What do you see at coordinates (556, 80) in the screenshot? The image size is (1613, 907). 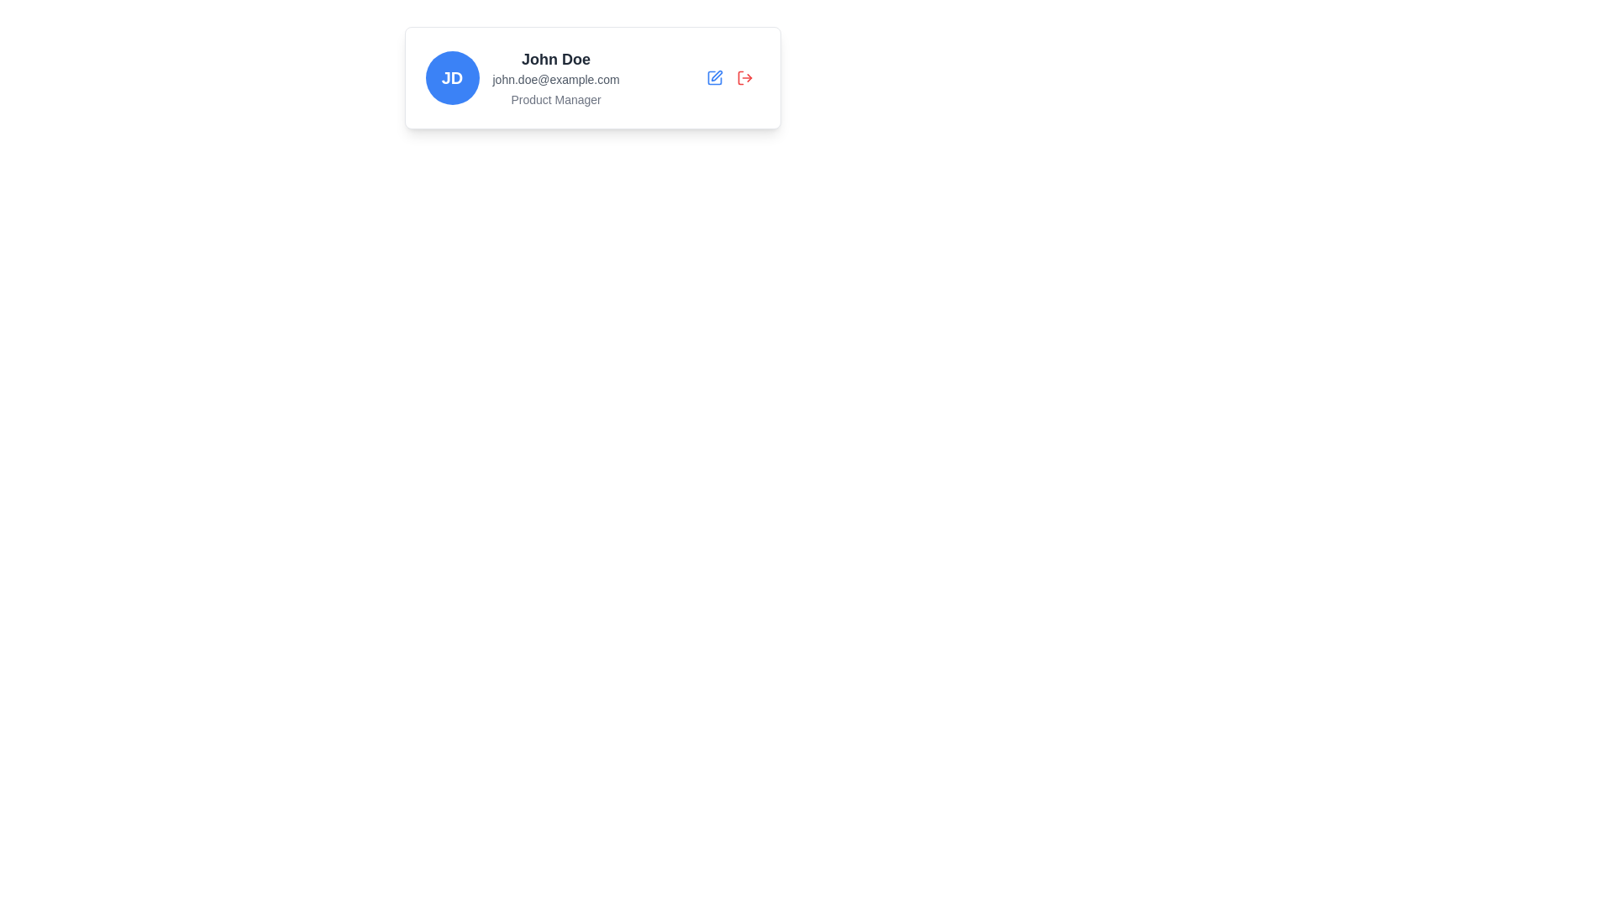 I see `the informational text displaying the email address located beneath 'John Doe' and above 'Product Manager'` at bounding box center [556, 80].